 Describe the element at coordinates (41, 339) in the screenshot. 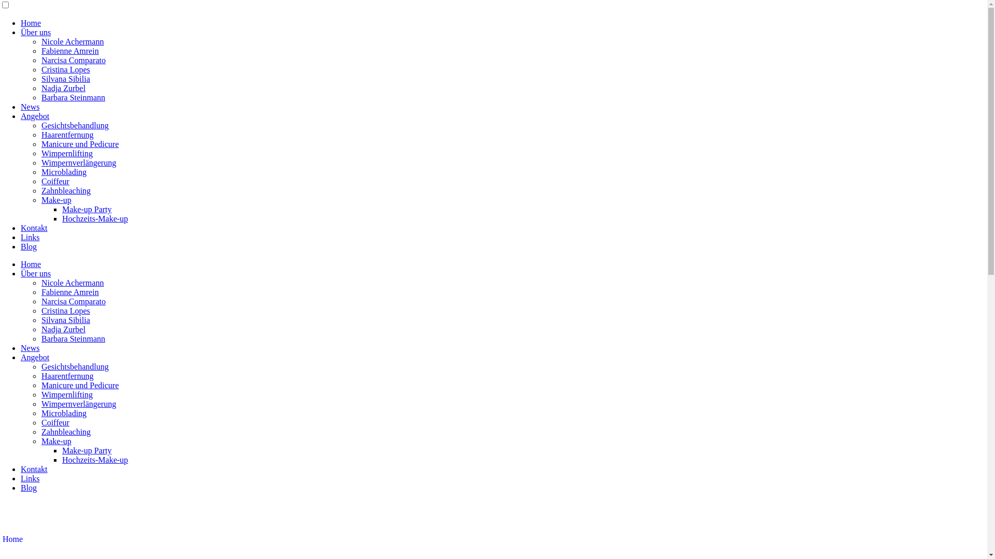

I see `'Barbara Steinmann'` at that location.